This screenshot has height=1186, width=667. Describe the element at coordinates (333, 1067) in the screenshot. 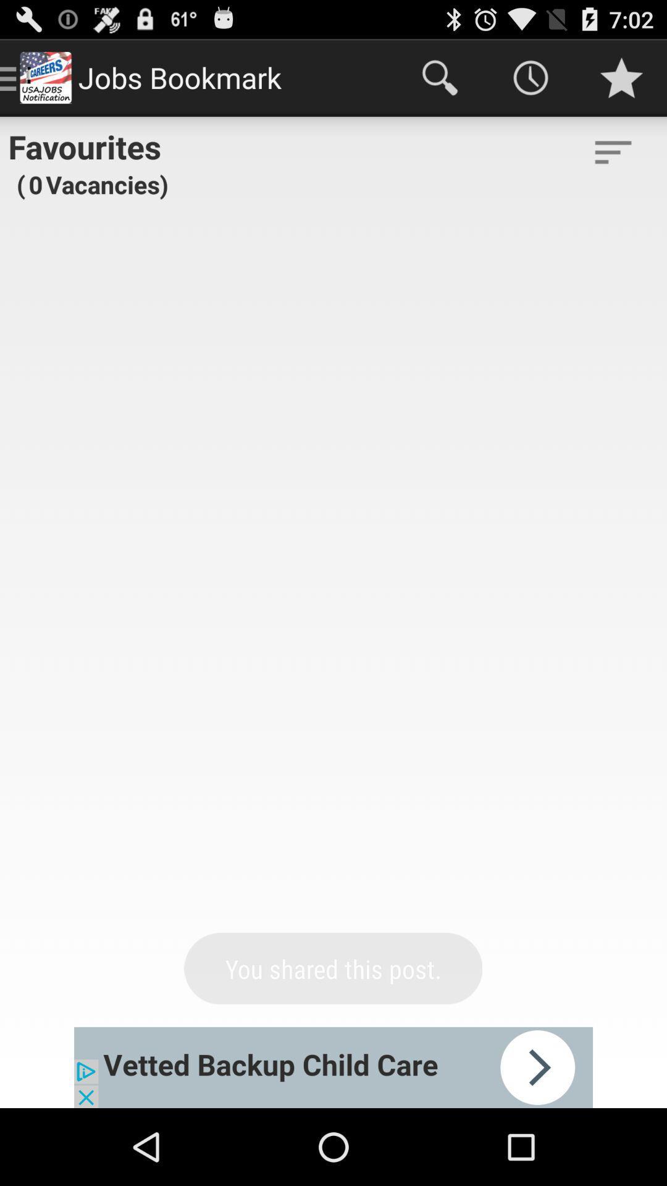

I see `advertisement banner` at that location.